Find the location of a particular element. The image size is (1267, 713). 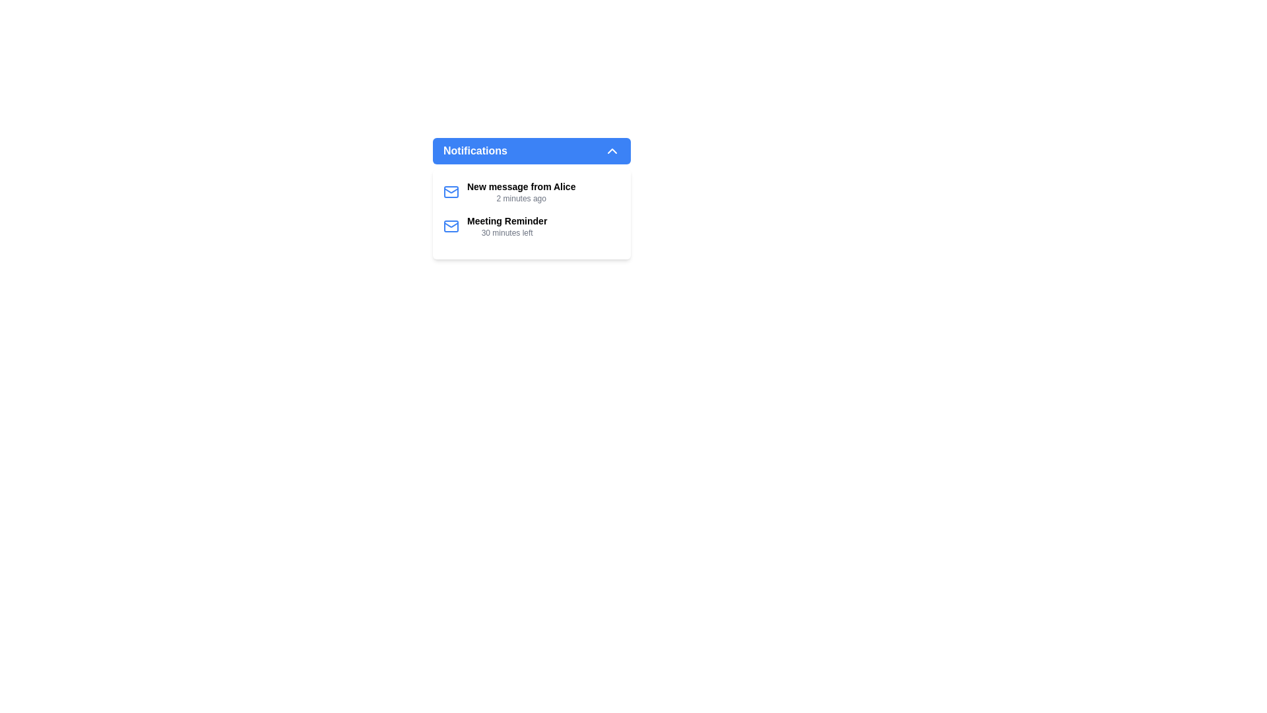

the email or message notification icon for 'Meeting Reminder', which is located directly to the left of the text 'Meeting Reminder 30 minutes left' is located at coordinates (451, 226).